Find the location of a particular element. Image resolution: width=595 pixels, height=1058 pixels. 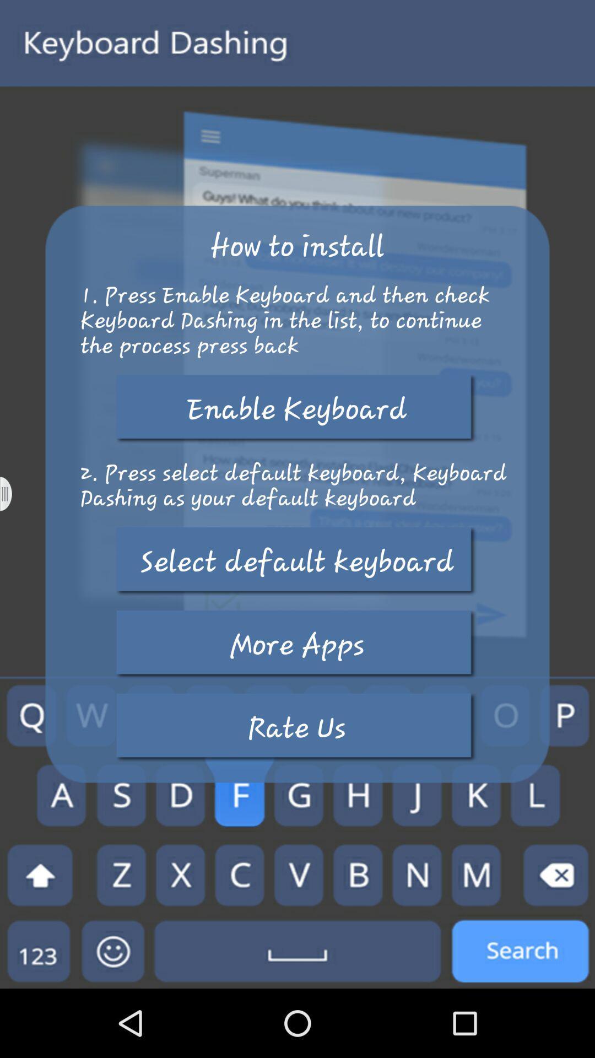

button below more apps icon is located at coordinates (296, 727).